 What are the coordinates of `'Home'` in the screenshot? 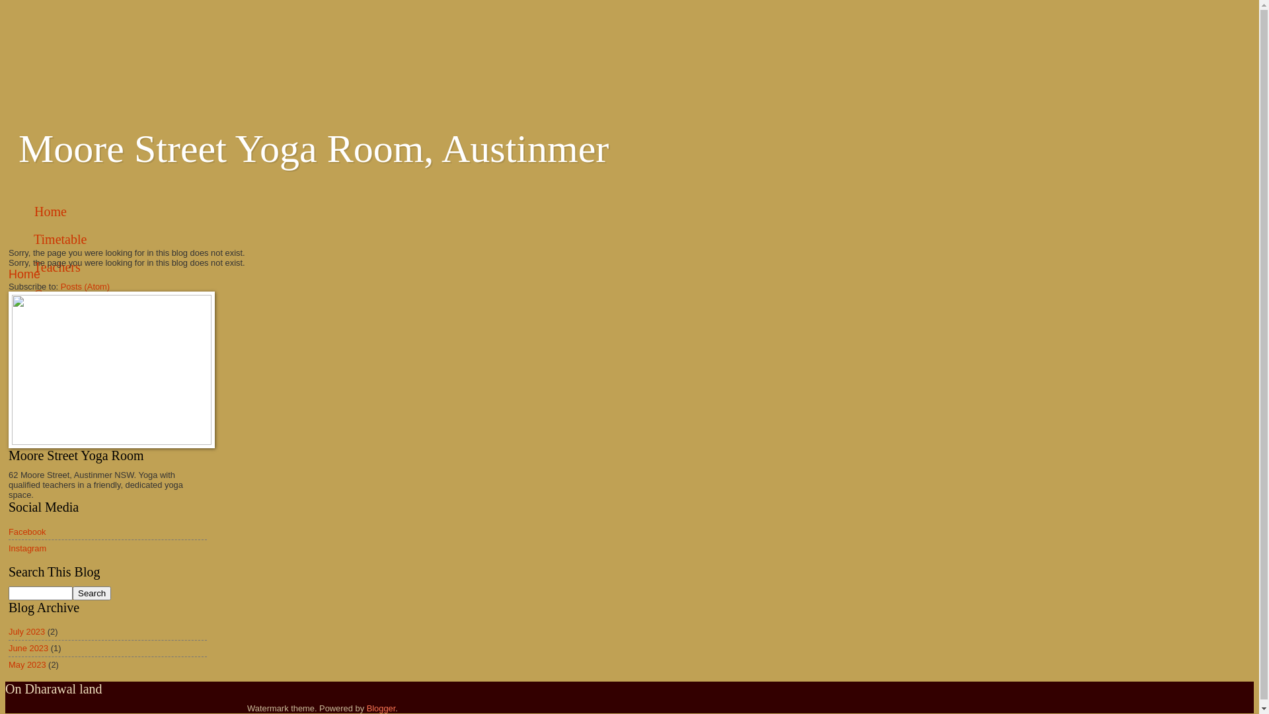 It's located at (9, 274).